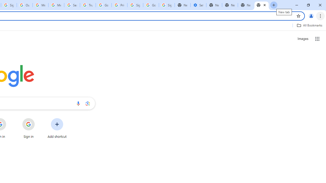 The image size is (326, 183). What do you see at coordinates (72, 5) in the screenshot?
I see `'Search our Doodle Library Collection - Google Doodles'` at bounding box center [72, 5].